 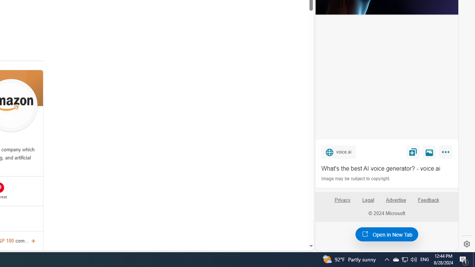 I want to click on 'View image', so click(x=429, y=151).